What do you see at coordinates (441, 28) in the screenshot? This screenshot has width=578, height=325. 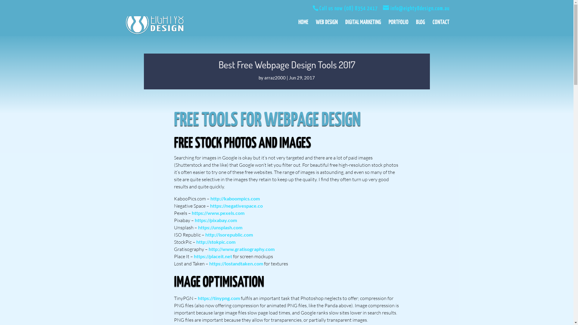 I see `'CONTACT'` at bounding box center [441, 28].